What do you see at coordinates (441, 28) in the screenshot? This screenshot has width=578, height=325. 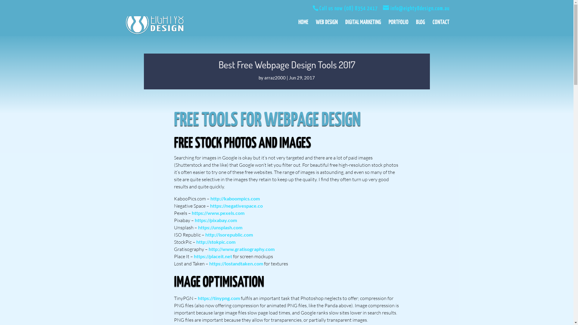 I see `'CONTACT'` at bounding box center [441, 28].